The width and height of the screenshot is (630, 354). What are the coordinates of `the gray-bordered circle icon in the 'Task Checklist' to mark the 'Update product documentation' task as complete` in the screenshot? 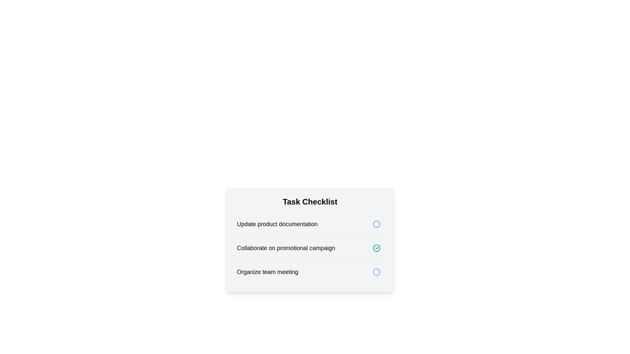 It's located at (376, 224).